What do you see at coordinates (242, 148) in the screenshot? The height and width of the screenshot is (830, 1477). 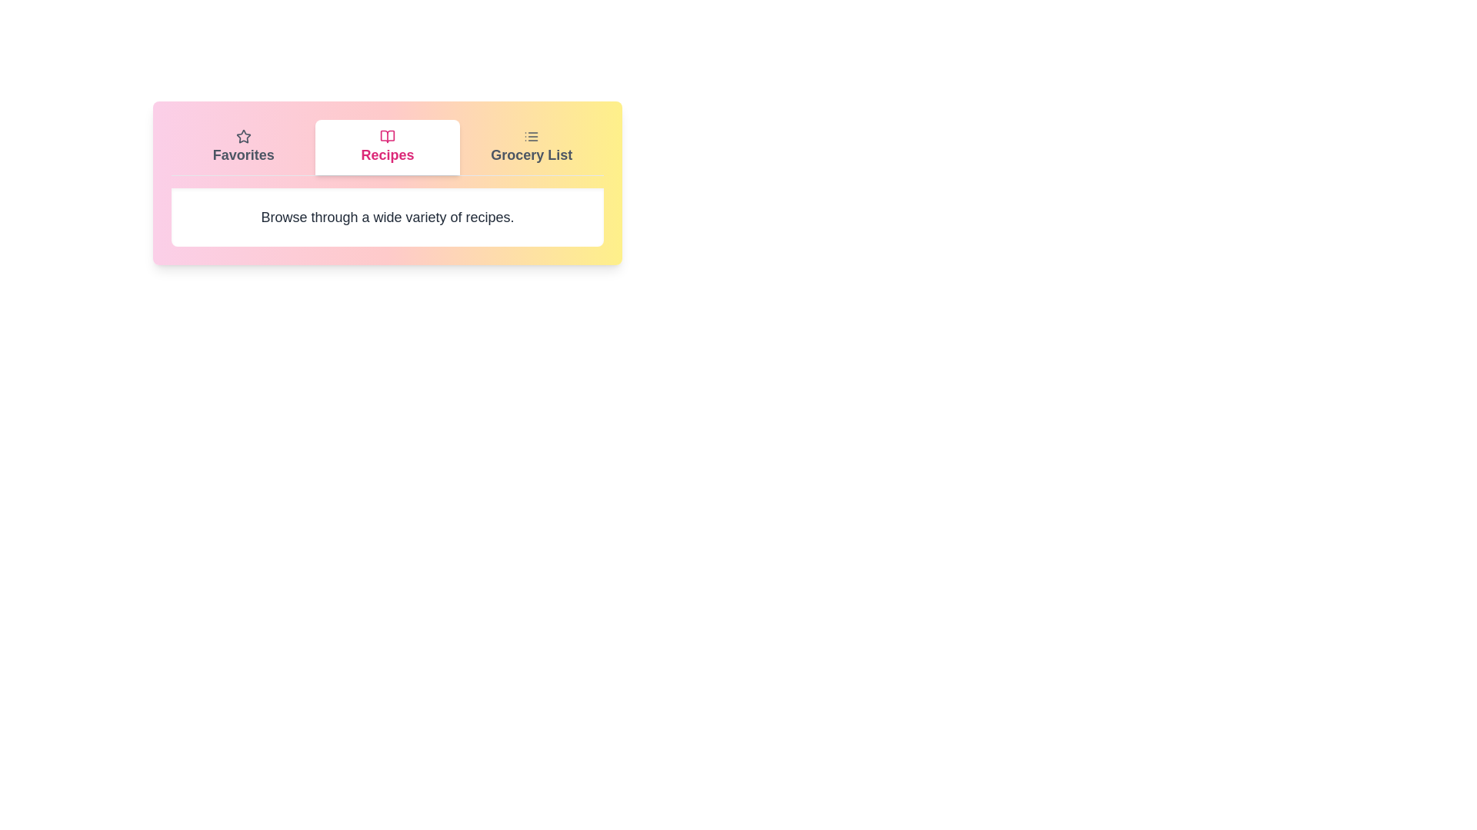 I see `the tab labeled Favorites to observe its icon and label` at bounding box center [242, 148].